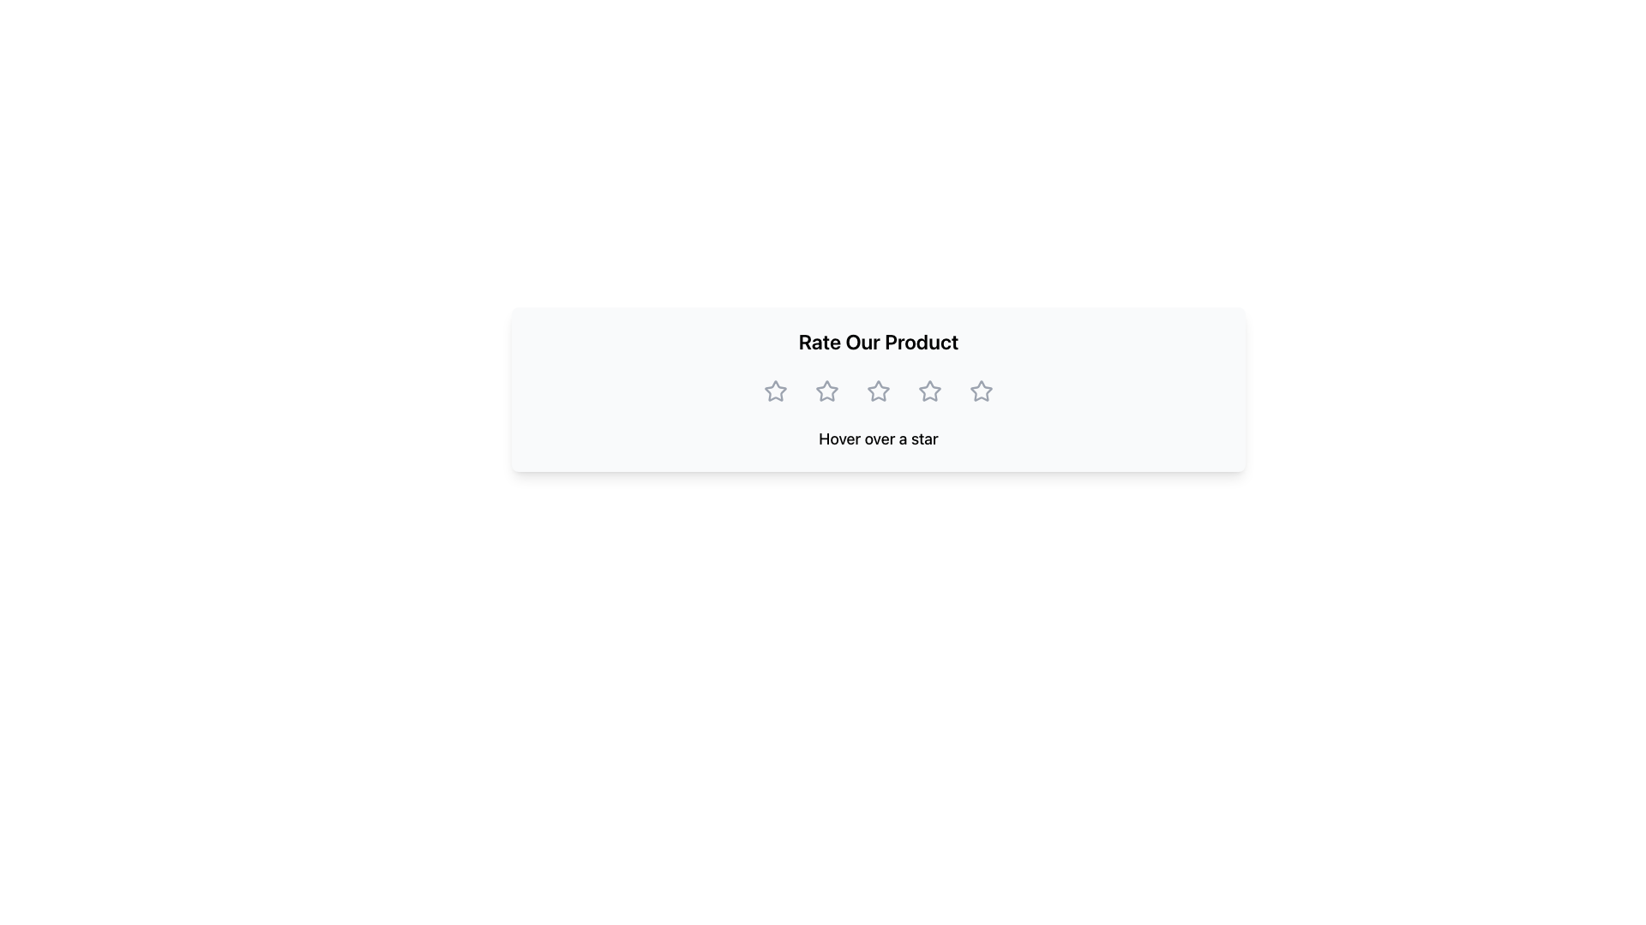 The image size is (1646, 925). Describe the element at coordinates (826, 390) in the screenshot. I see `the second star icon in the rating system` at that location.